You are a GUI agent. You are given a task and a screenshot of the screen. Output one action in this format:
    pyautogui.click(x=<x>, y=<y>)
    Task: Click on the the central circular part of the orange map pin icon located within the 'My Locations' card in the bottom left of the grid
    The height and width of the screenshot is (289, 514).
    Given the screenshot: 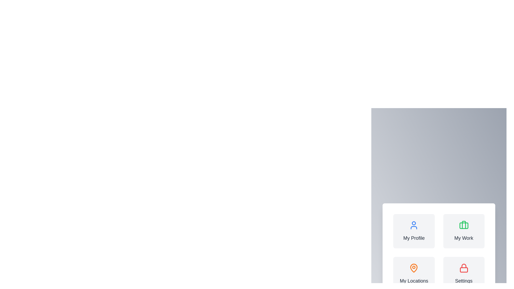 What is the action you would take?
    pyautogui.click(x=414, y=267)
    